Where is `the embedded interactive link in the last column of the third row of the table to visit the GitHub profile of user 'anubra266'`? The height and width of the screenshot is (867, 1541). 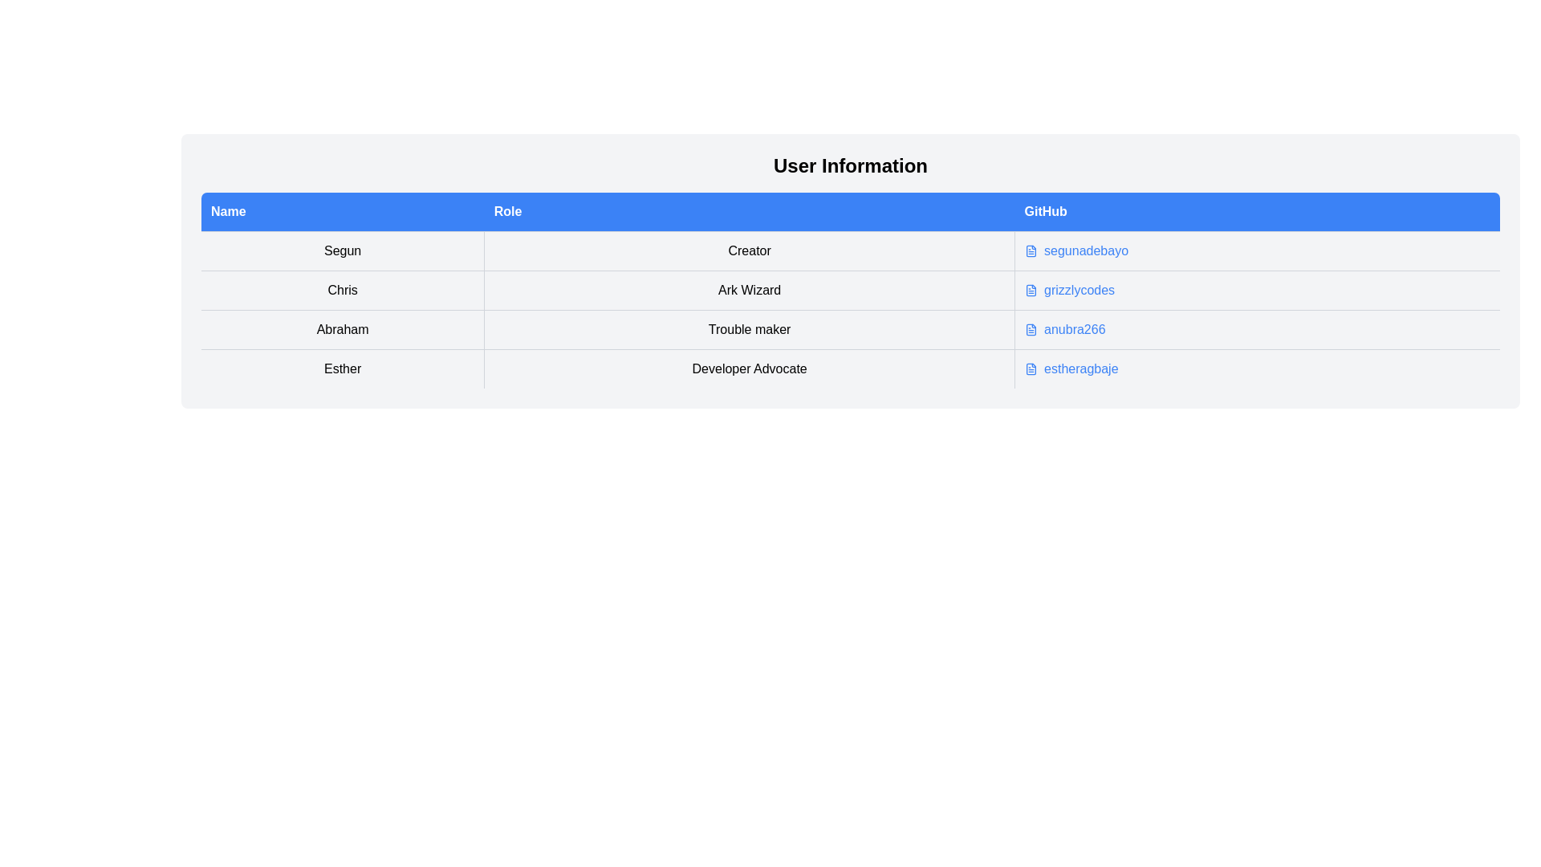
the embedded interactive link in the last column of the third row of the table to visit the GitHub profile of user 'anubra266' is located at coordinates (1257, 329).